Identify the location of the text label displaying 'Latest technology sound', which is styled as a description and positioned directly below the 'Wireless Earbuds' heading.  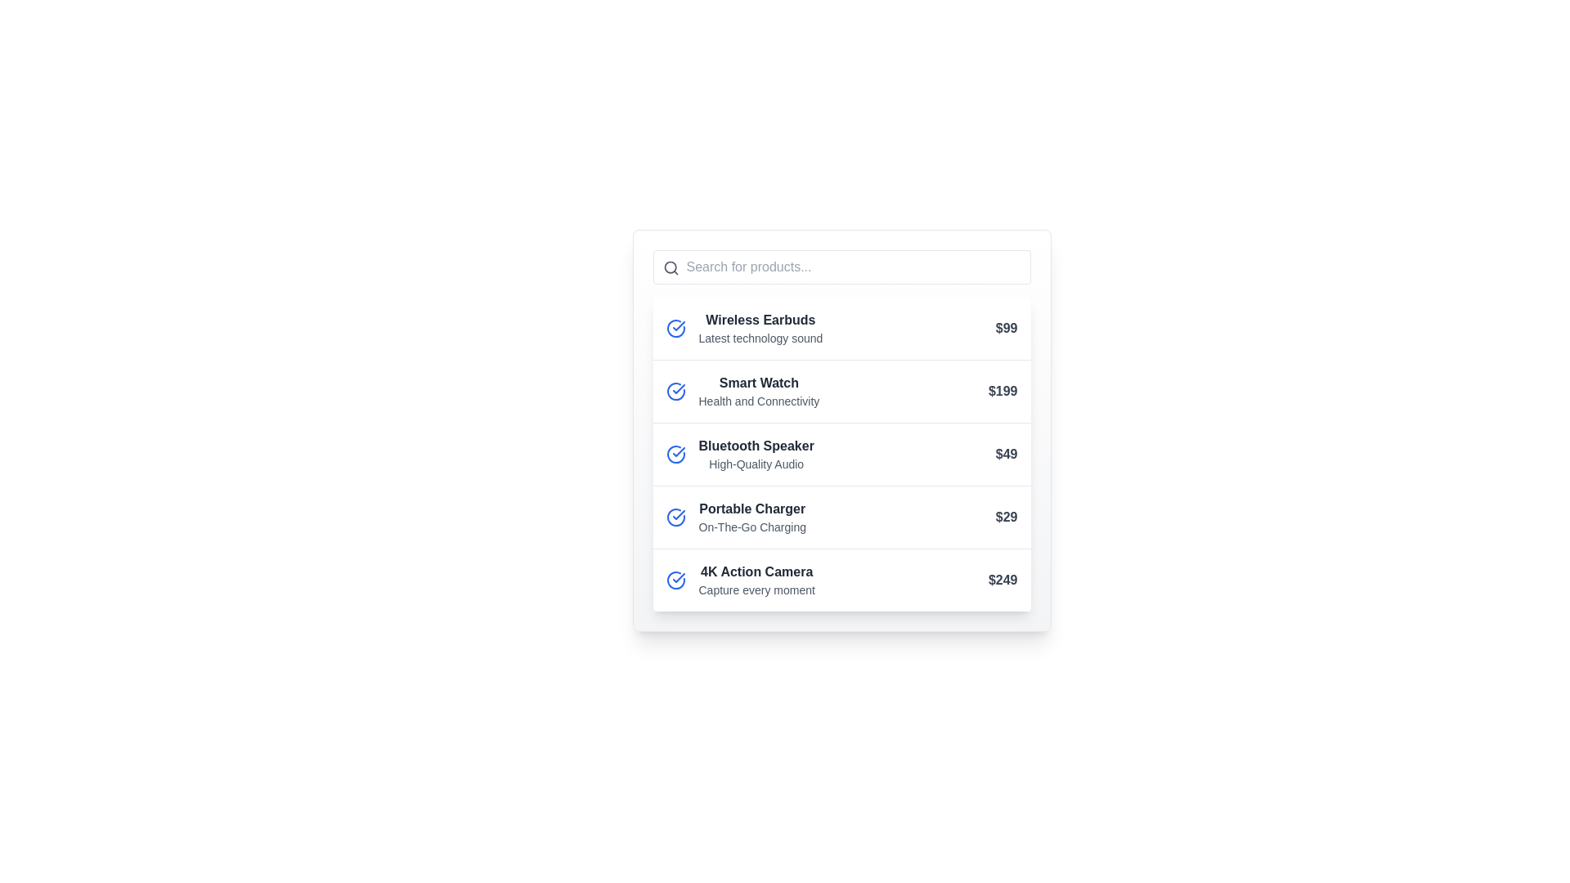
(760, 337).